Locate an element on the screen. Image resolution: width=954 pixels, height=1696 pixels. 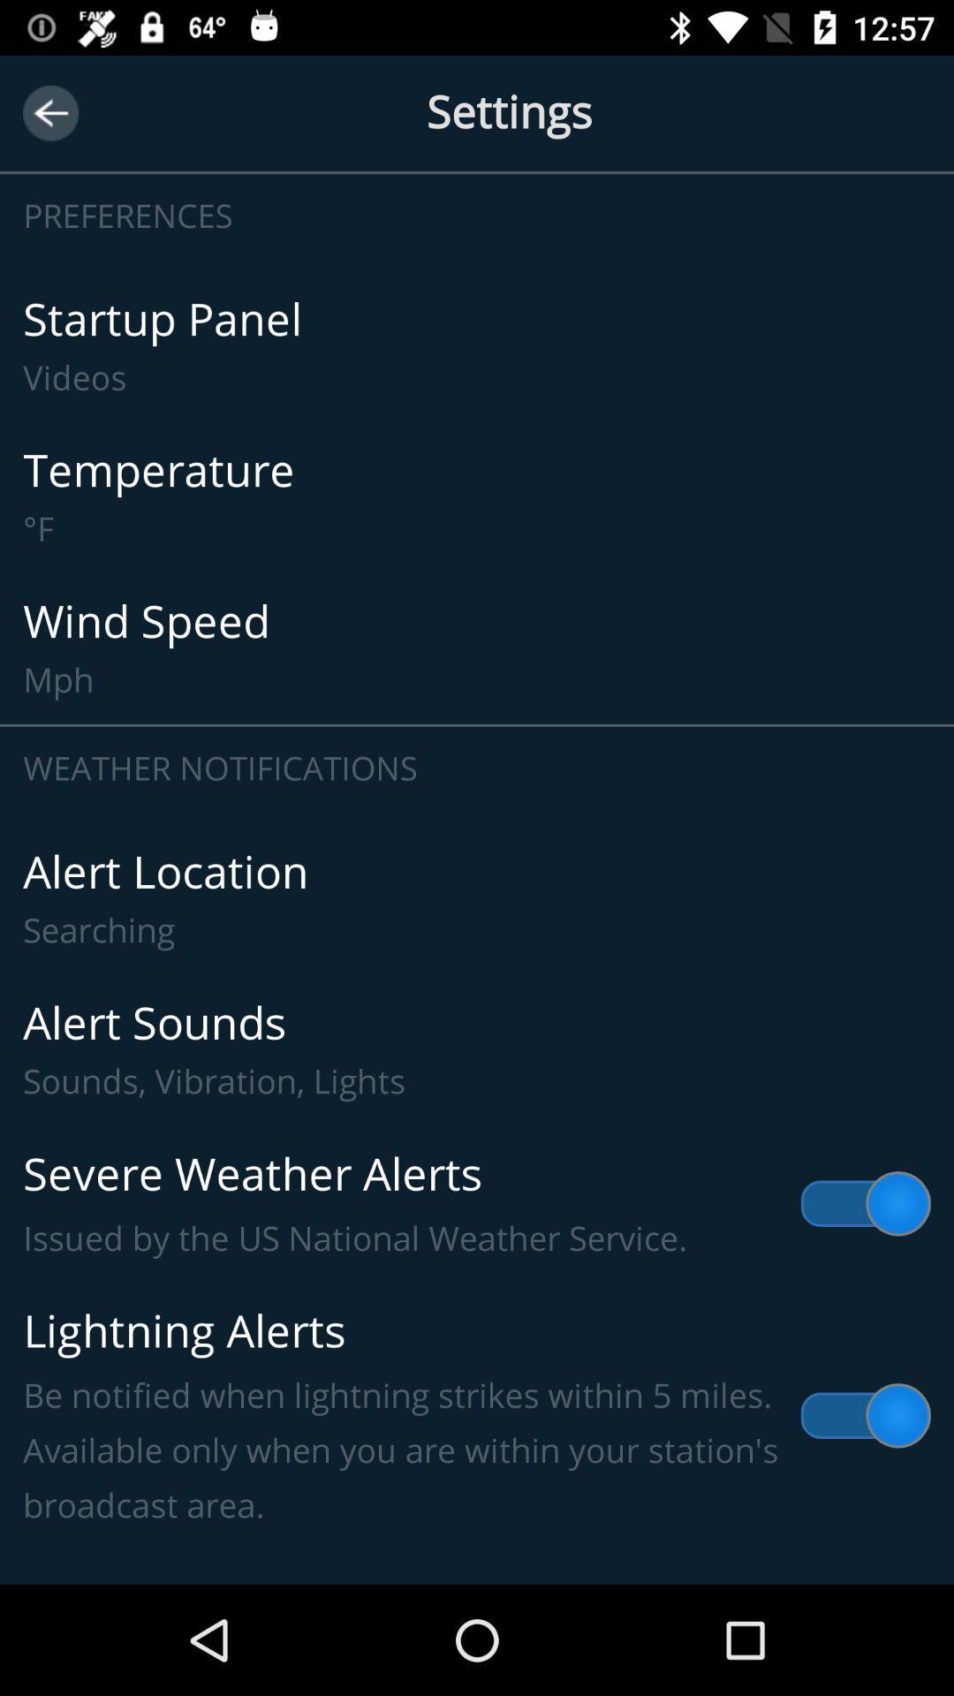
lightning alerts be is located at coordinates (477, 1416).